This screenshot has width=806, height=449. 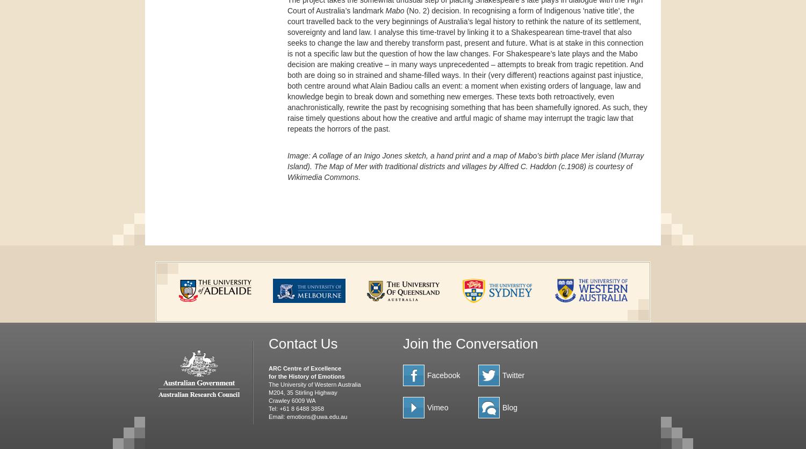 What do you see at coordinates (302, 392) in the screenshot?
I see `'M204, 35 Stirling Highway'` at bounding box center [302, 392].